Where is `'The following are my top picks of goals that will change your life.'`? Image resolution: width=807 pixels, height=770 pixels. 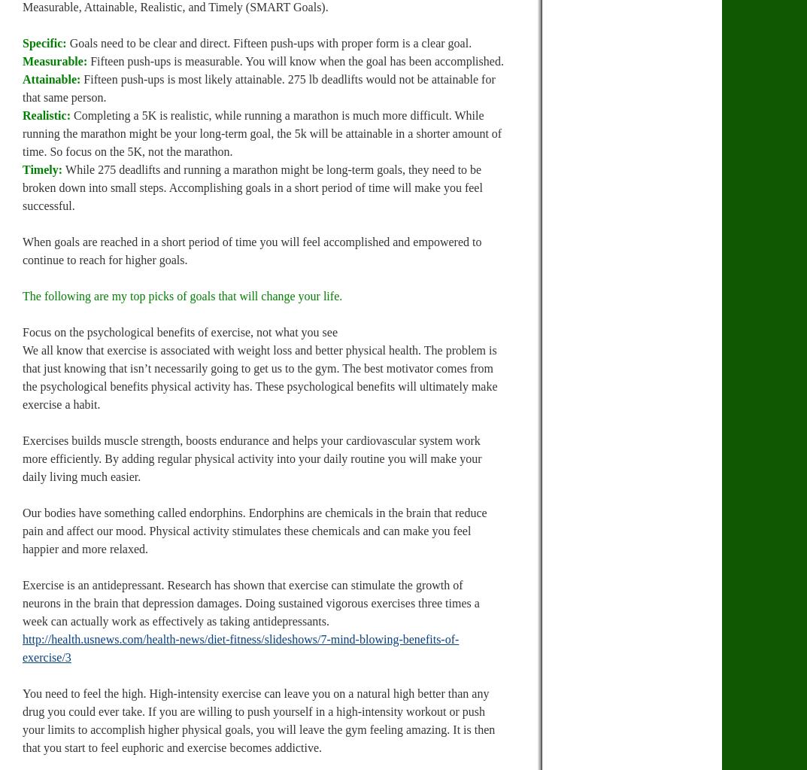
'The following are my top picks of goals that will change your life.' is located at coordinates (22, 295).